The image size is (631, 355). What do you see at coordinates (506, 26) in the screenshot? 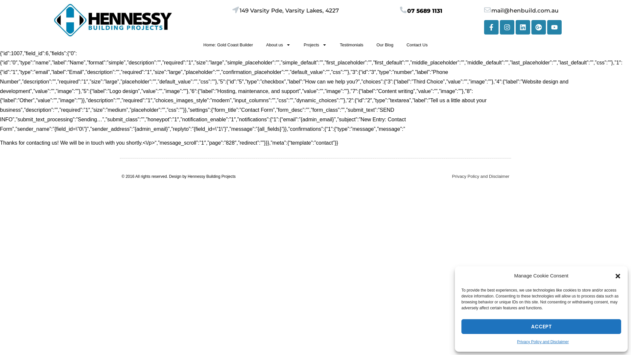
I see `'Instagram'` at bounding box center [506, 26].